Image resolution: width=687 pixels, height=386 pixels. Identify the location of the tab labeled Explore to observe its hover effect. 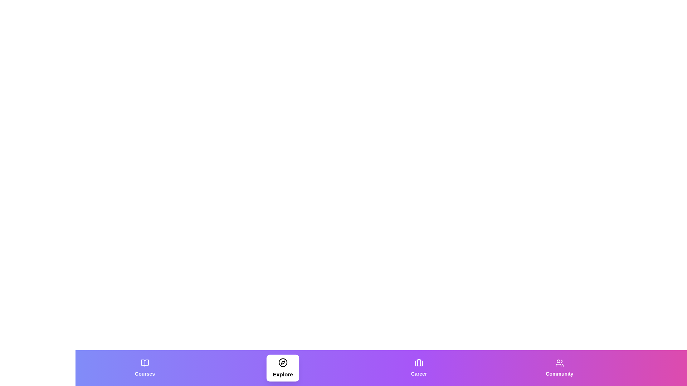
(283, 368).